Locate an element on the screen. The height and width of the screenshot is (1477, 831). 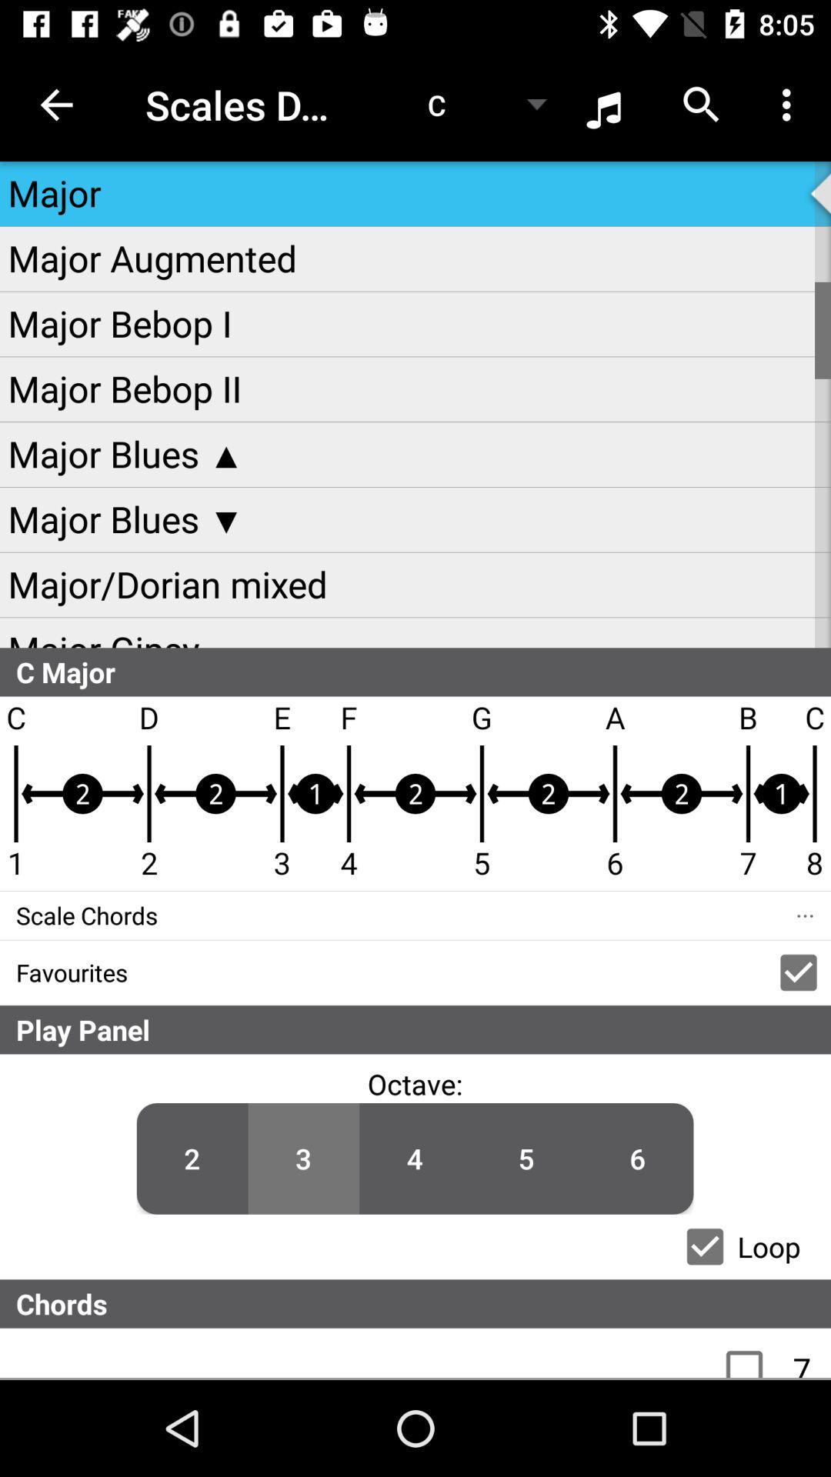
button is located at coordinates (705, 1246).